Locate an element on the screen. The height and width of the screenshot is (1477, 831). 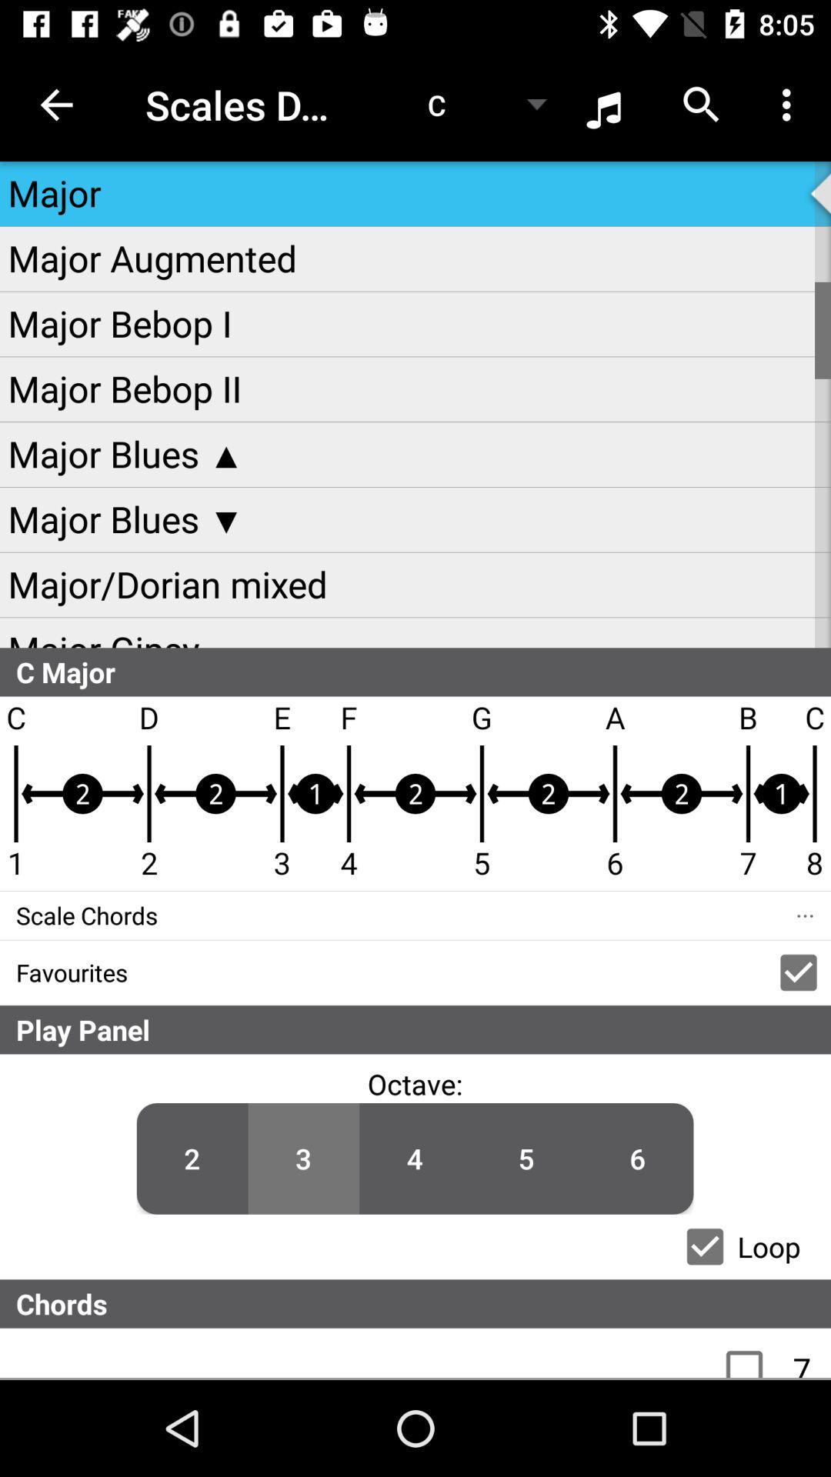
button is located at coordinates (705, 1246).